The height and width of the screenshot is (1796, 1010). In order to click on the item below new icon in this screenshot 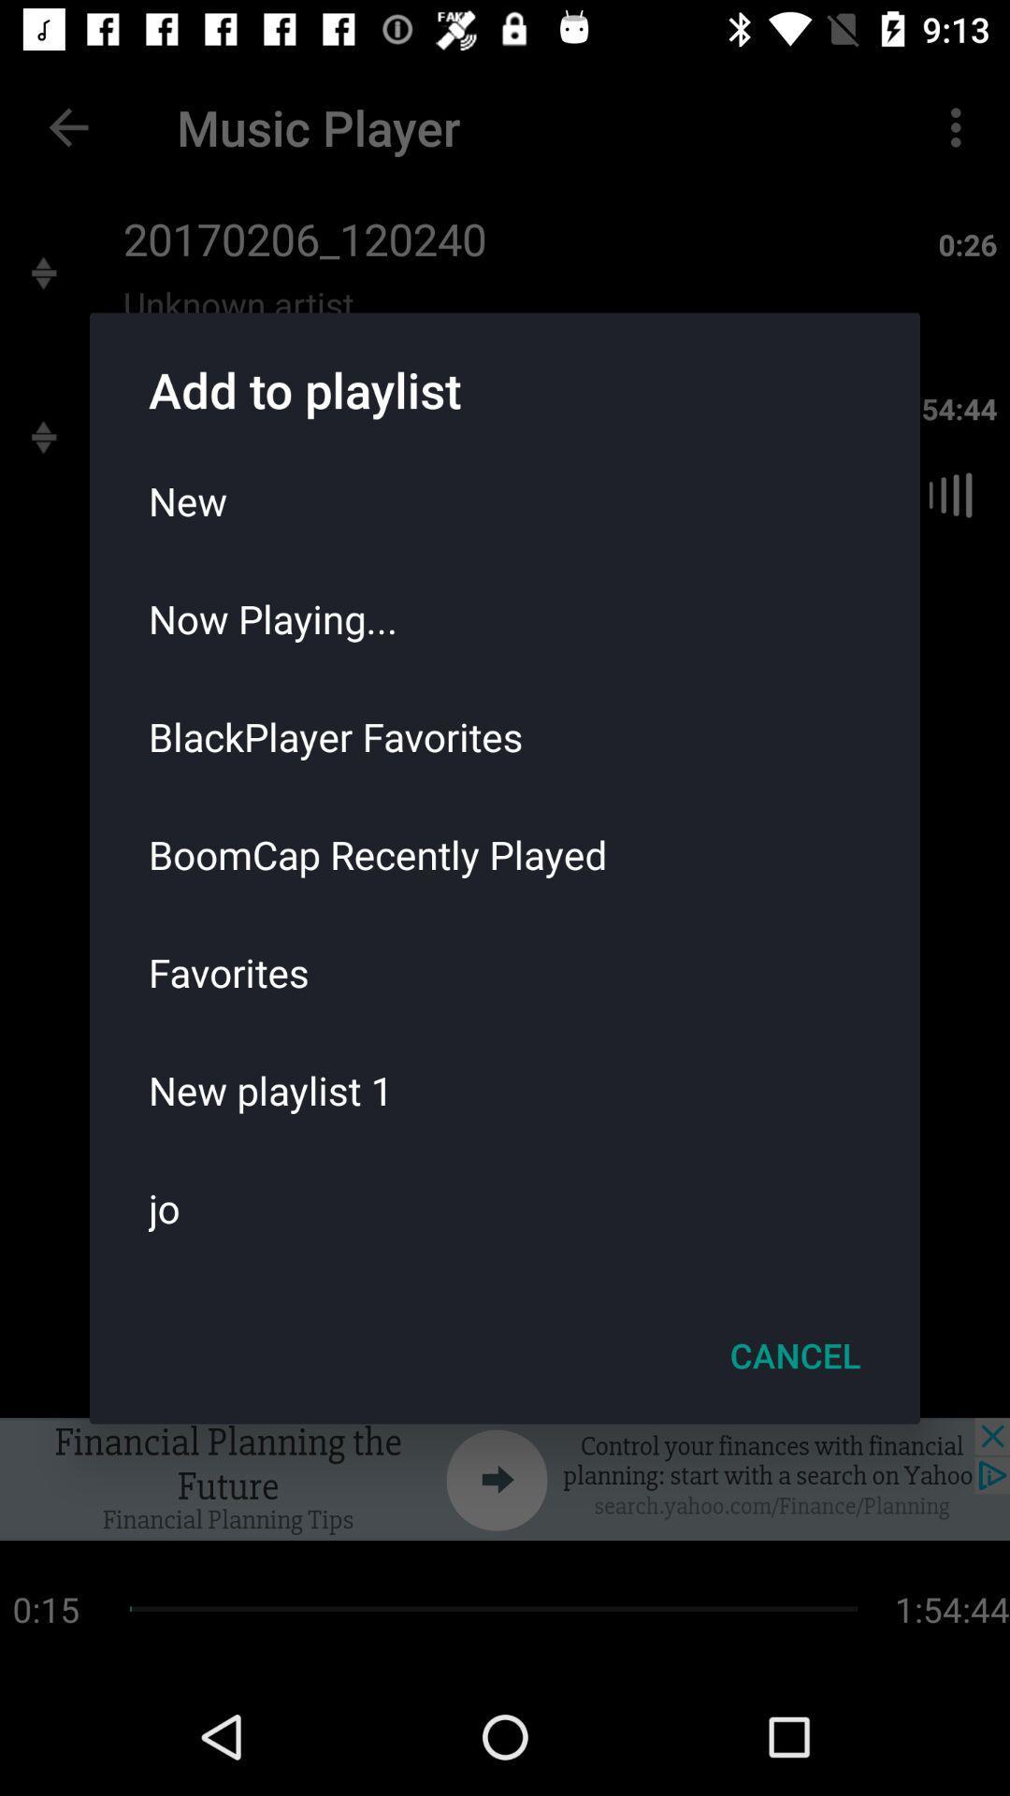, I will do `click(505, 618)`.